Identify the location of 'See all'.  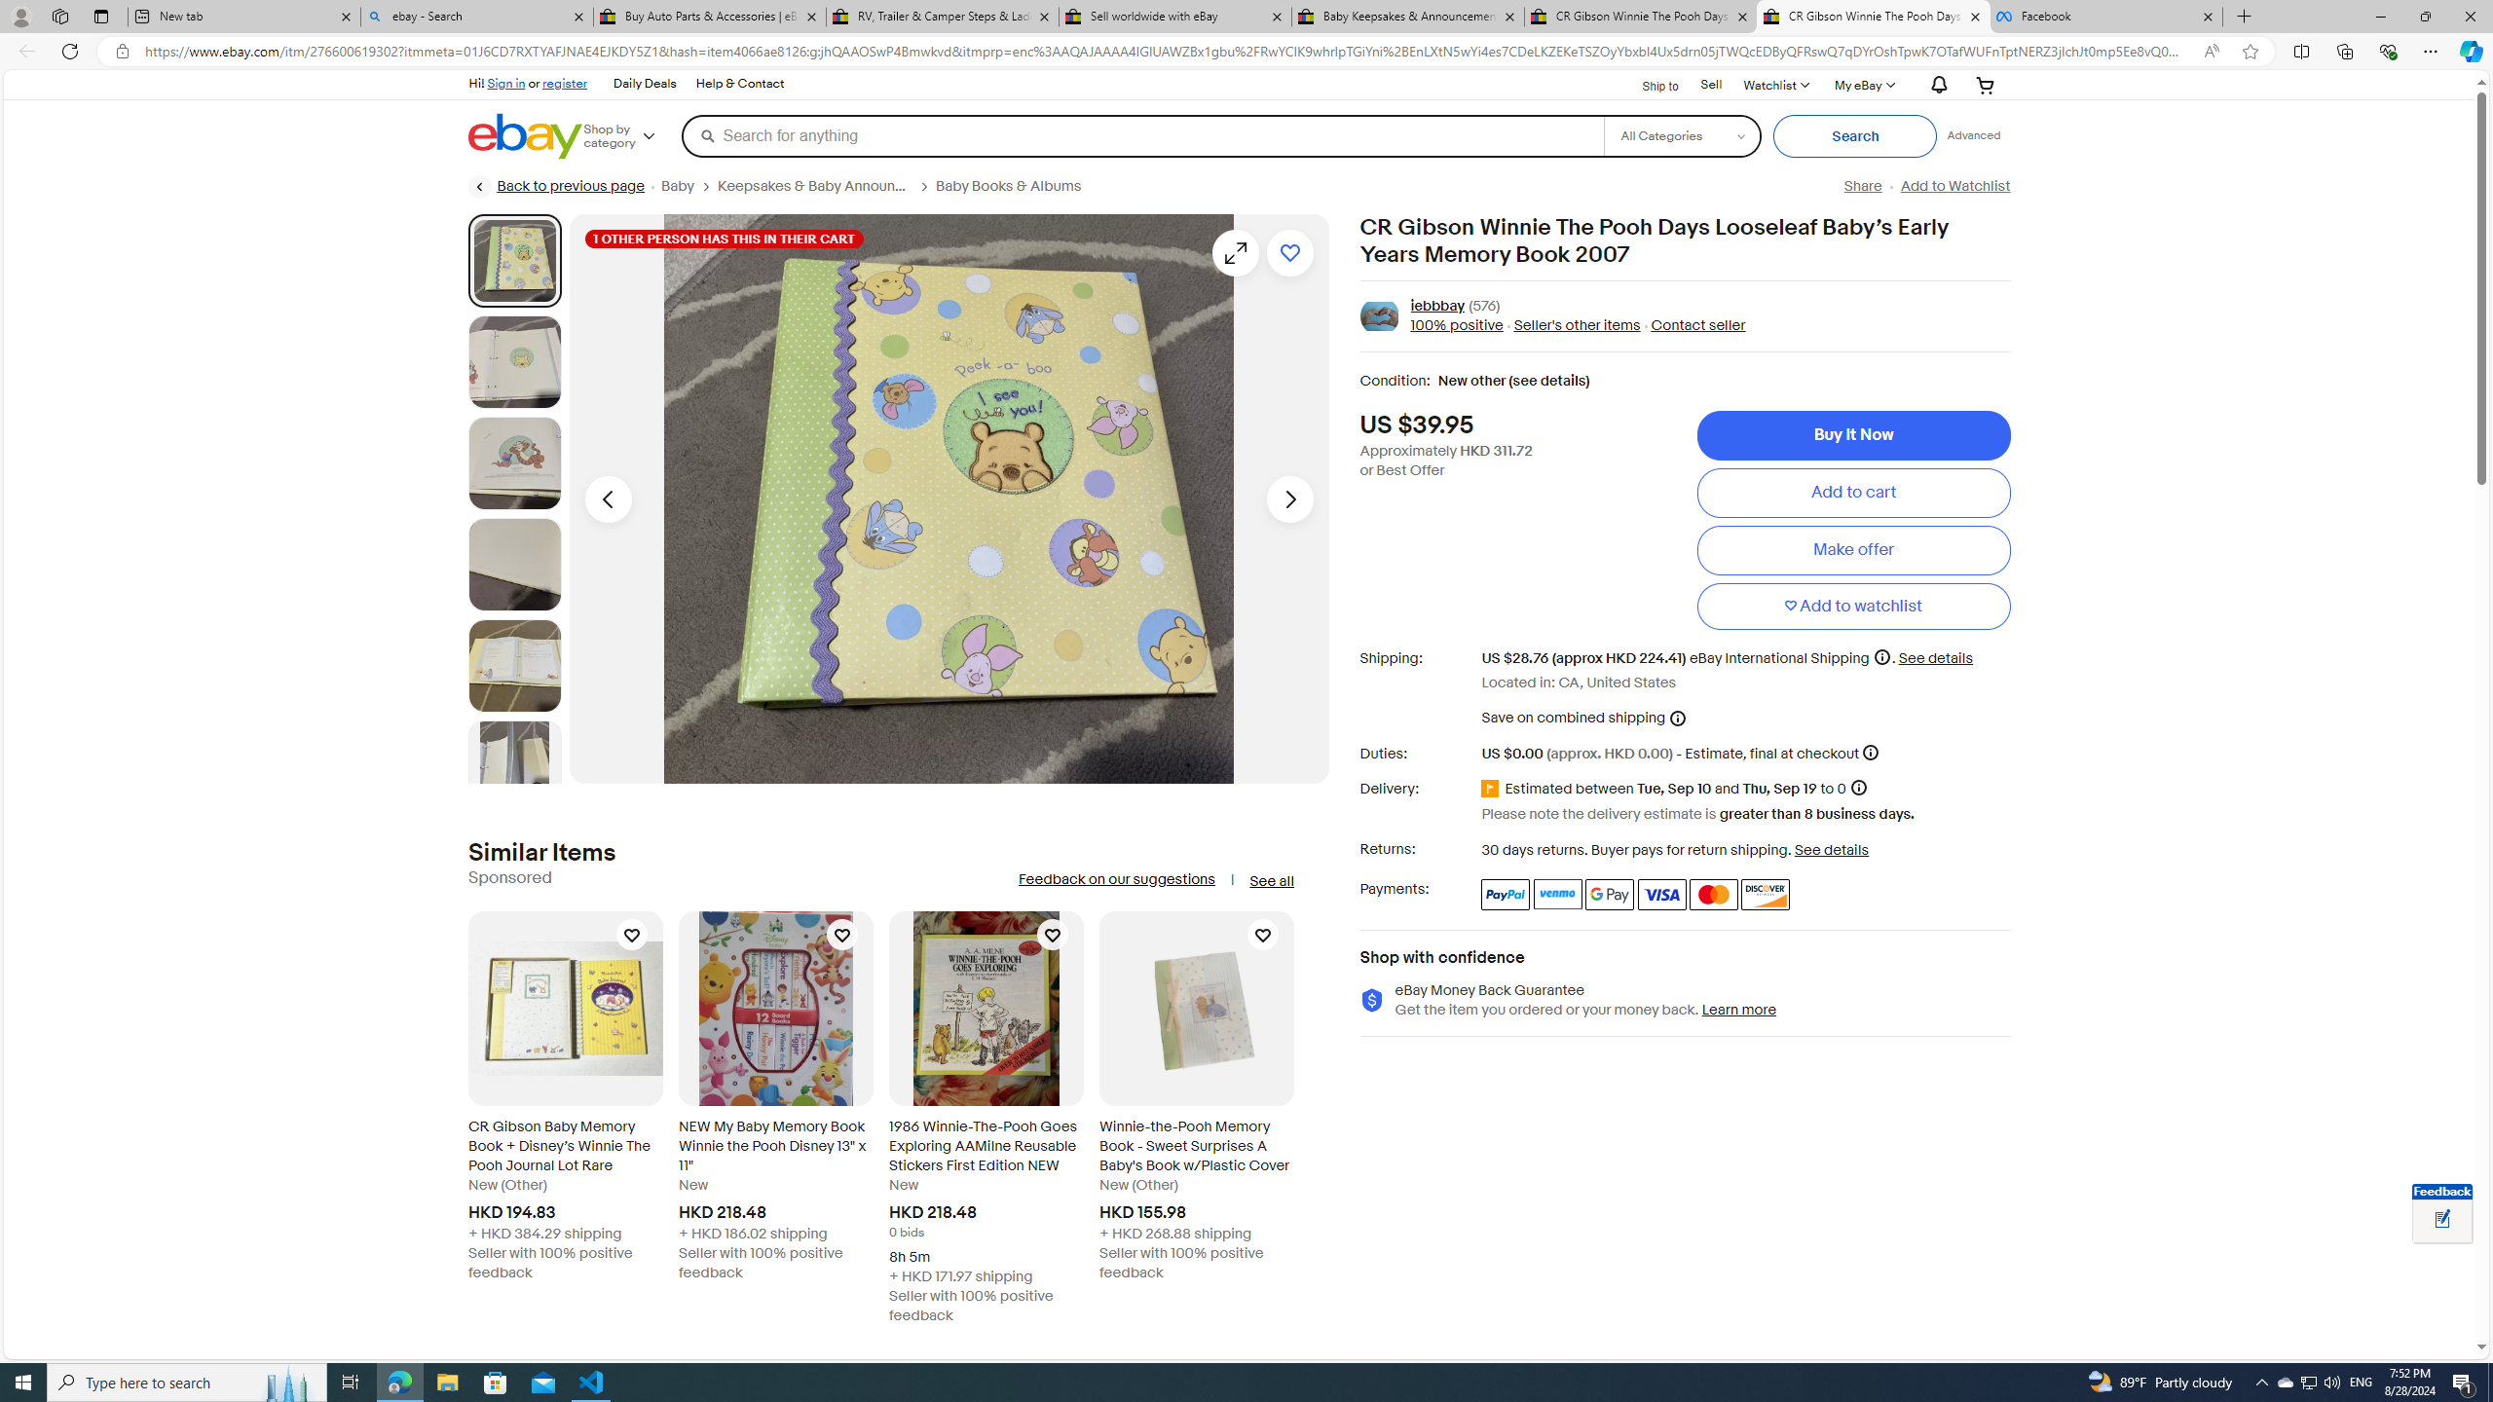
(1270, 880).